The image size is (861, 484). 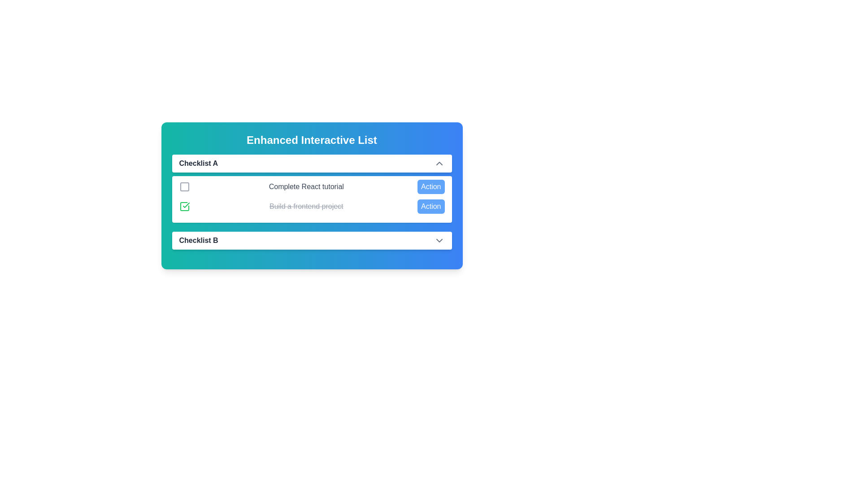 What do you see at coordinates (439, 240) in the screenshot?
I see `the downward-facing chevron icon with a thin, rounded, gray outline located at the far right of the 'Checklist B' area` at bounding box center [439, 240].